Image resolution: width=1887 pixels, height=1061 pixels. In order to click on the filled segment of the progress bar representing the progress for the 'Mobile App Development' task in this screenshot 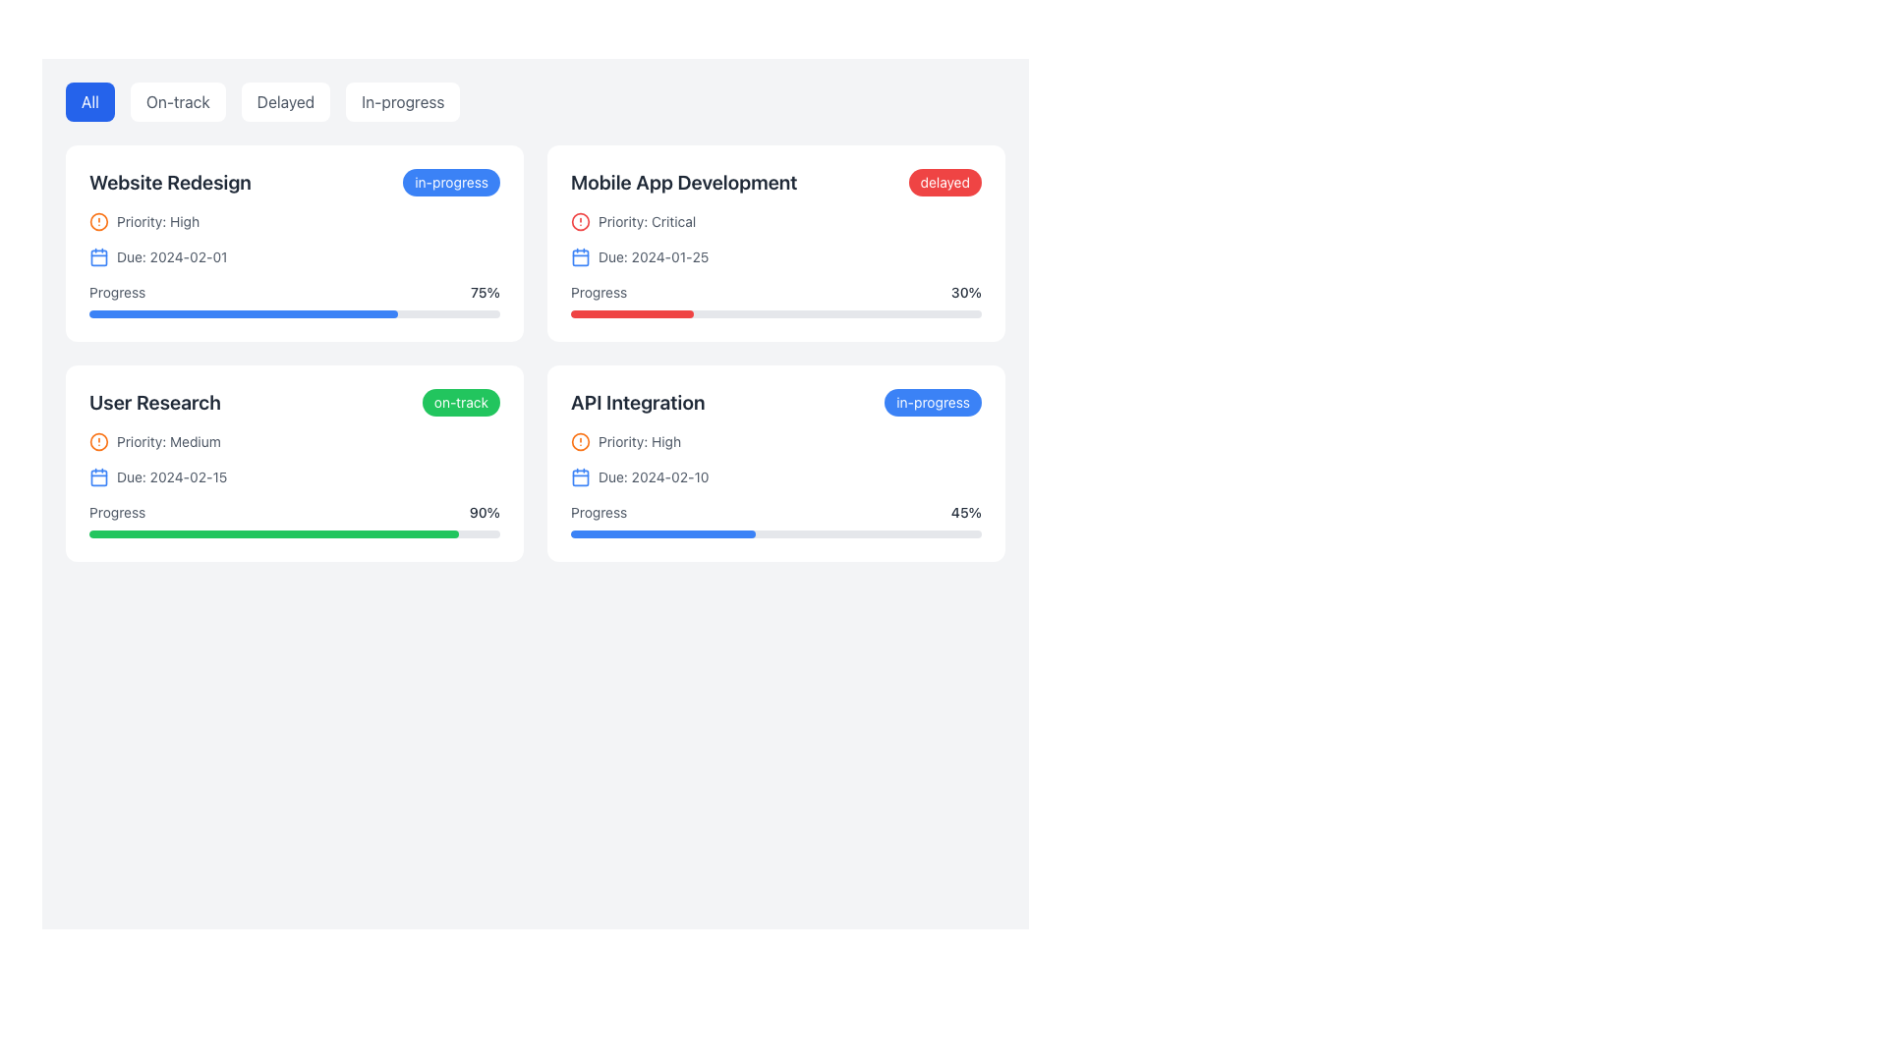, I will do `click(632, 313)`.